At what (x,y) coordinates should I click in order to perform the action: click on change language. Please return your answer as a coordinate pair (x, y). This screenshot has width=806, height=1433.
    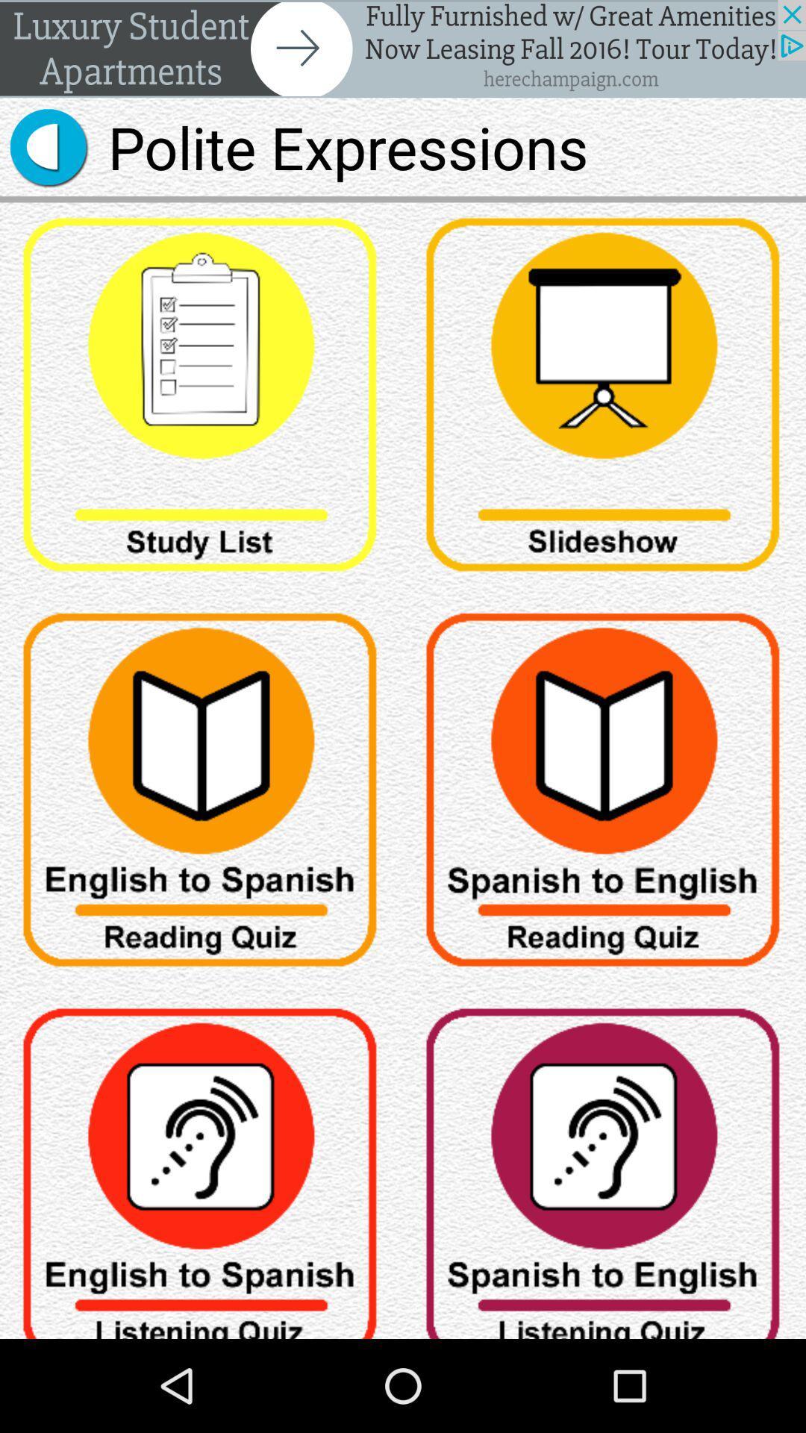
    Looking at the image, I should click on (201, 1165).